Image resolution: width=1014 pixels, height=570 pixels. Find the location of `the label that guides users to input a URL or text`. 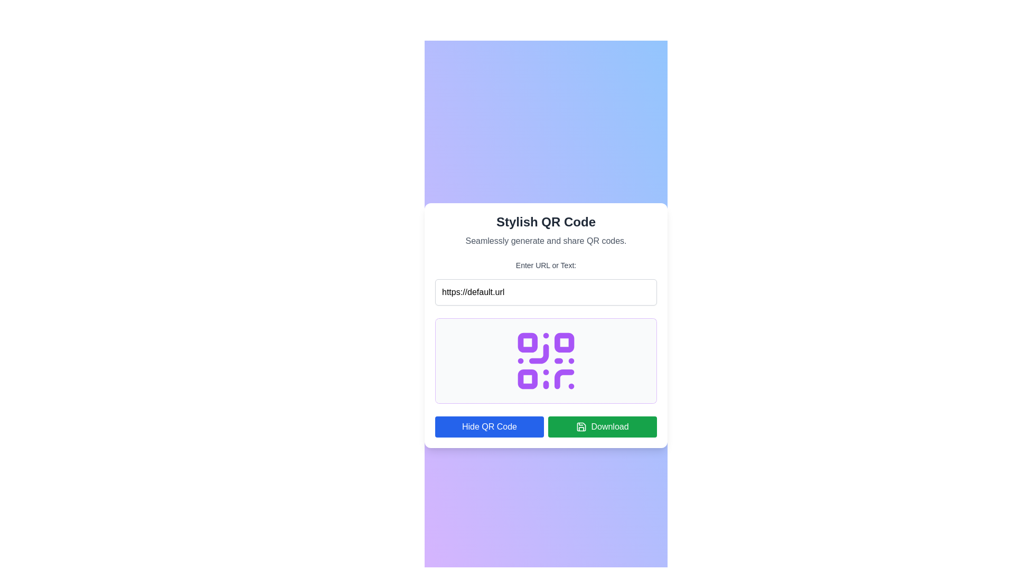

the label that guides users to input a URL or text is located at coordinates (546, 264).